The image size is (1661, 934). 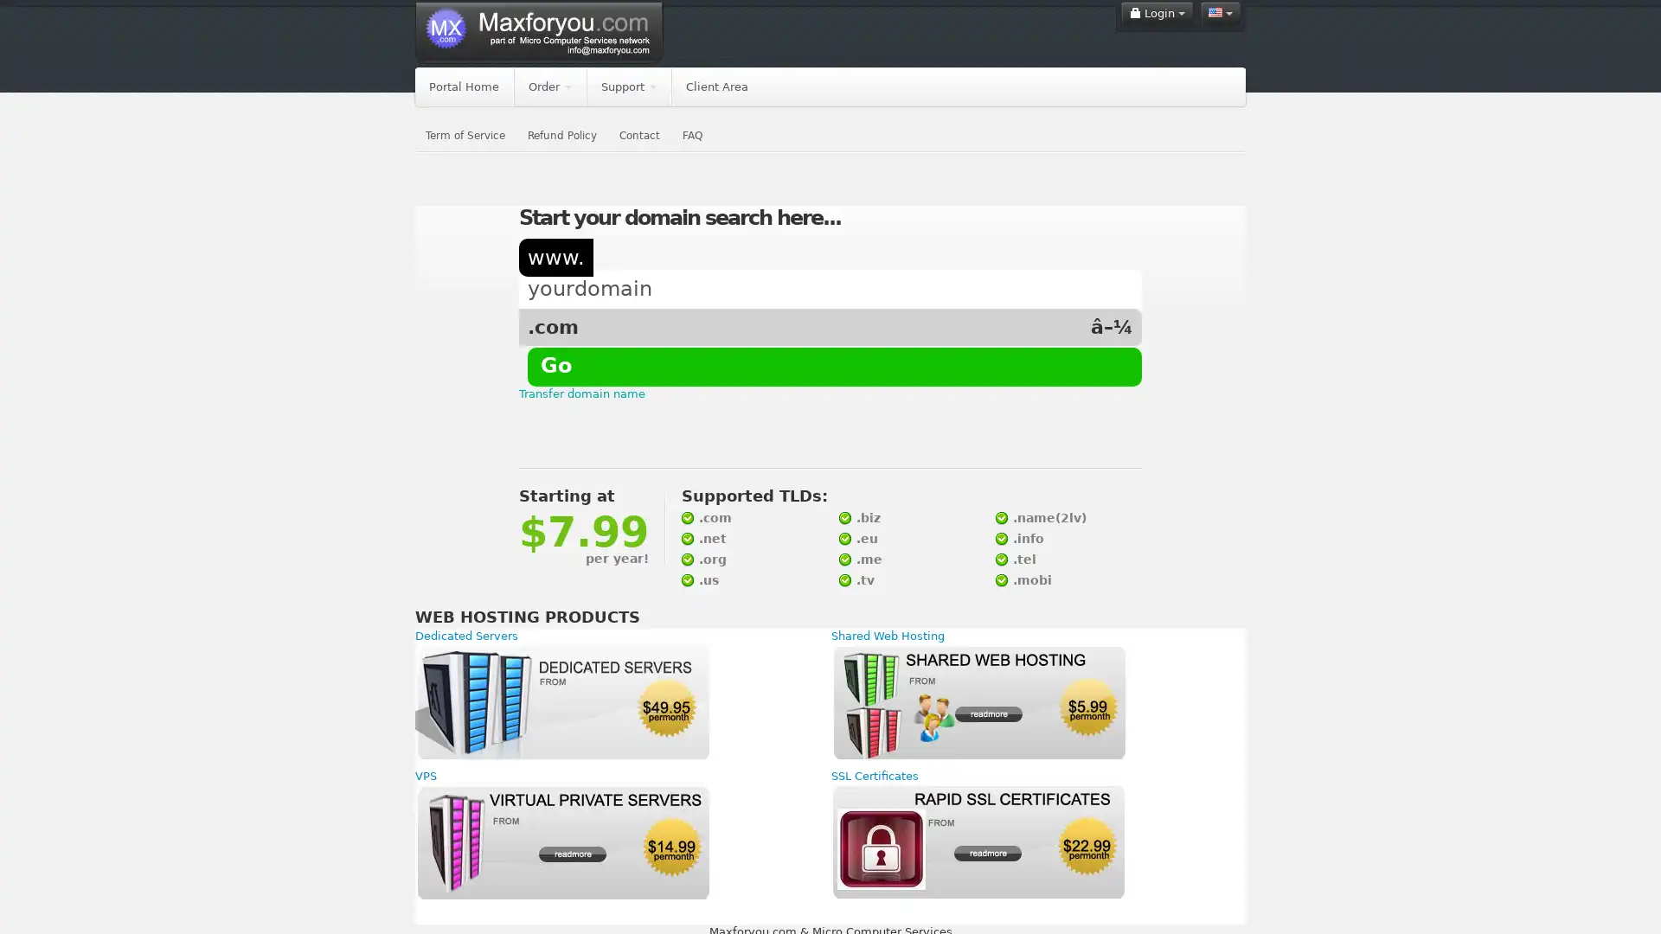 What do you see at coordinates (1220, 13) in the screenshot?
I see `English` at bounding box center [1220, 13].